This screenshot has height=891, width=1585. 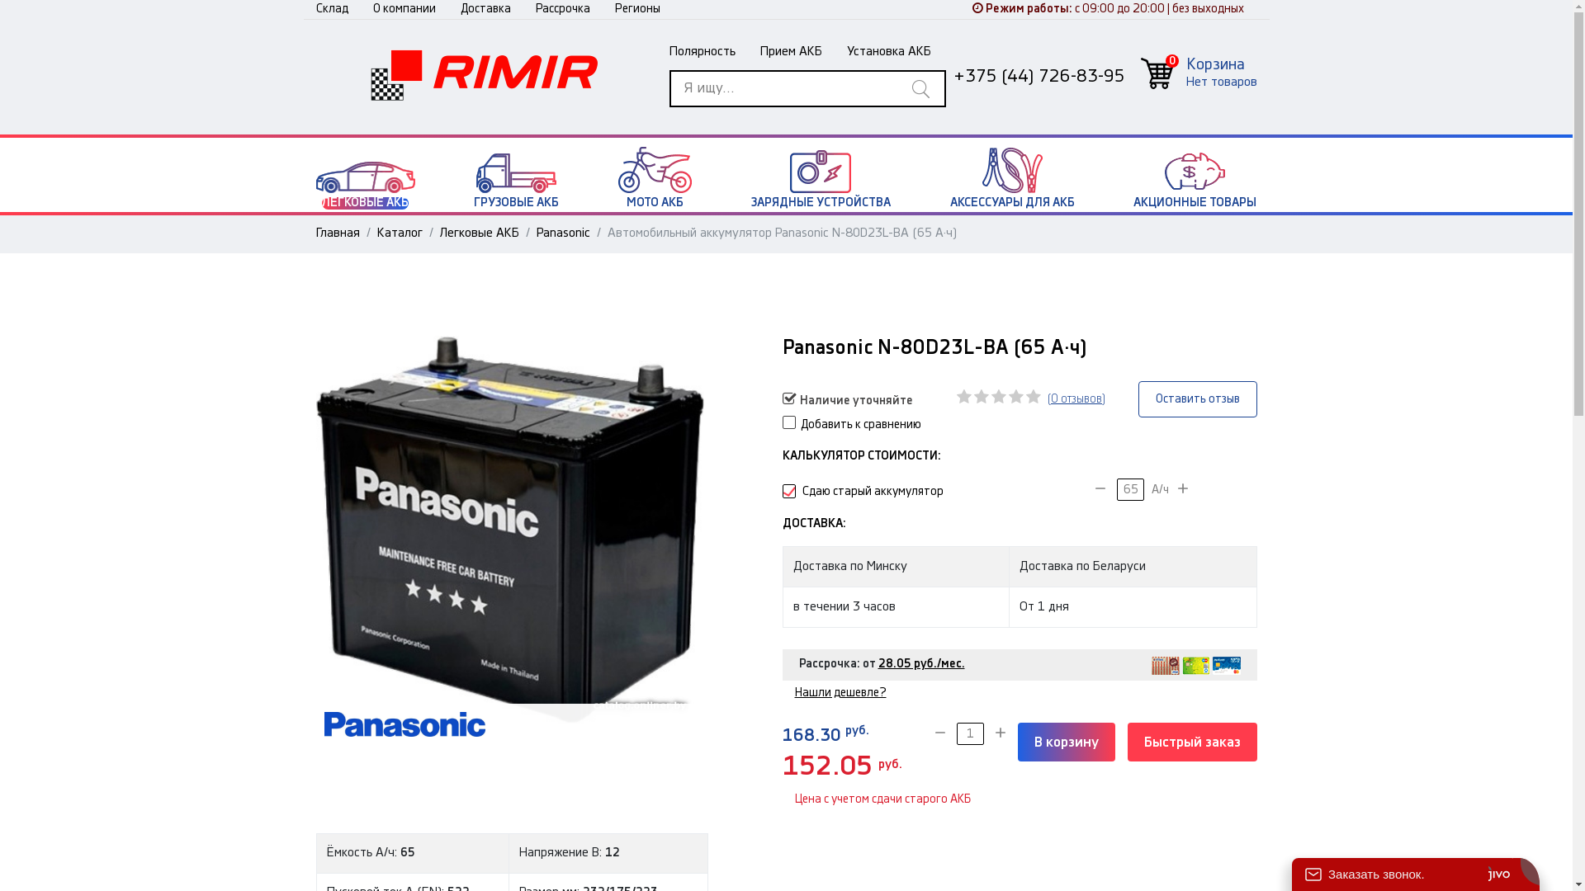 I want to click on '+375 (44) 726-83-95', so click(x=1037, y=76).